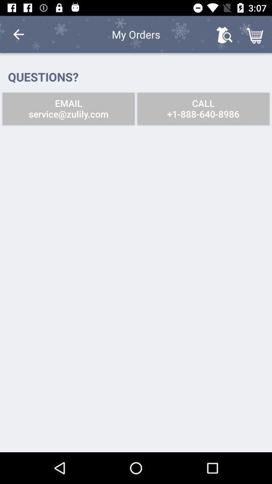 The image size is (272, 484). Describe the element at coordinates (18, 34) in the screenshot. I see `icon to the left of the my orders` at that location.